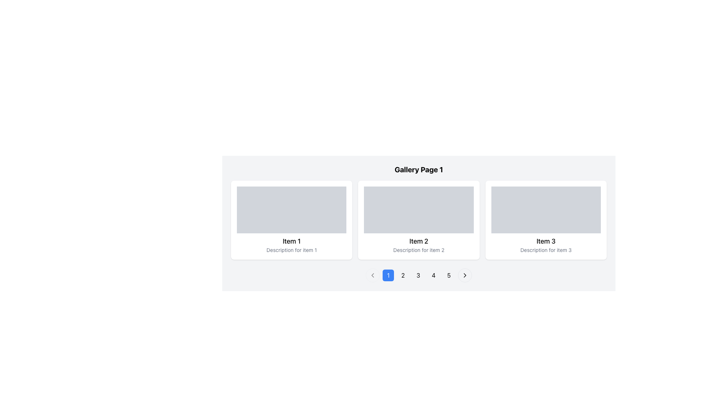 The height and width of the screenshot is (395, 703). Describe the element at coordinates (373, 275) in the screenshot. I see `the previous page button located in the leftmost position of the pagination bar` at that location.